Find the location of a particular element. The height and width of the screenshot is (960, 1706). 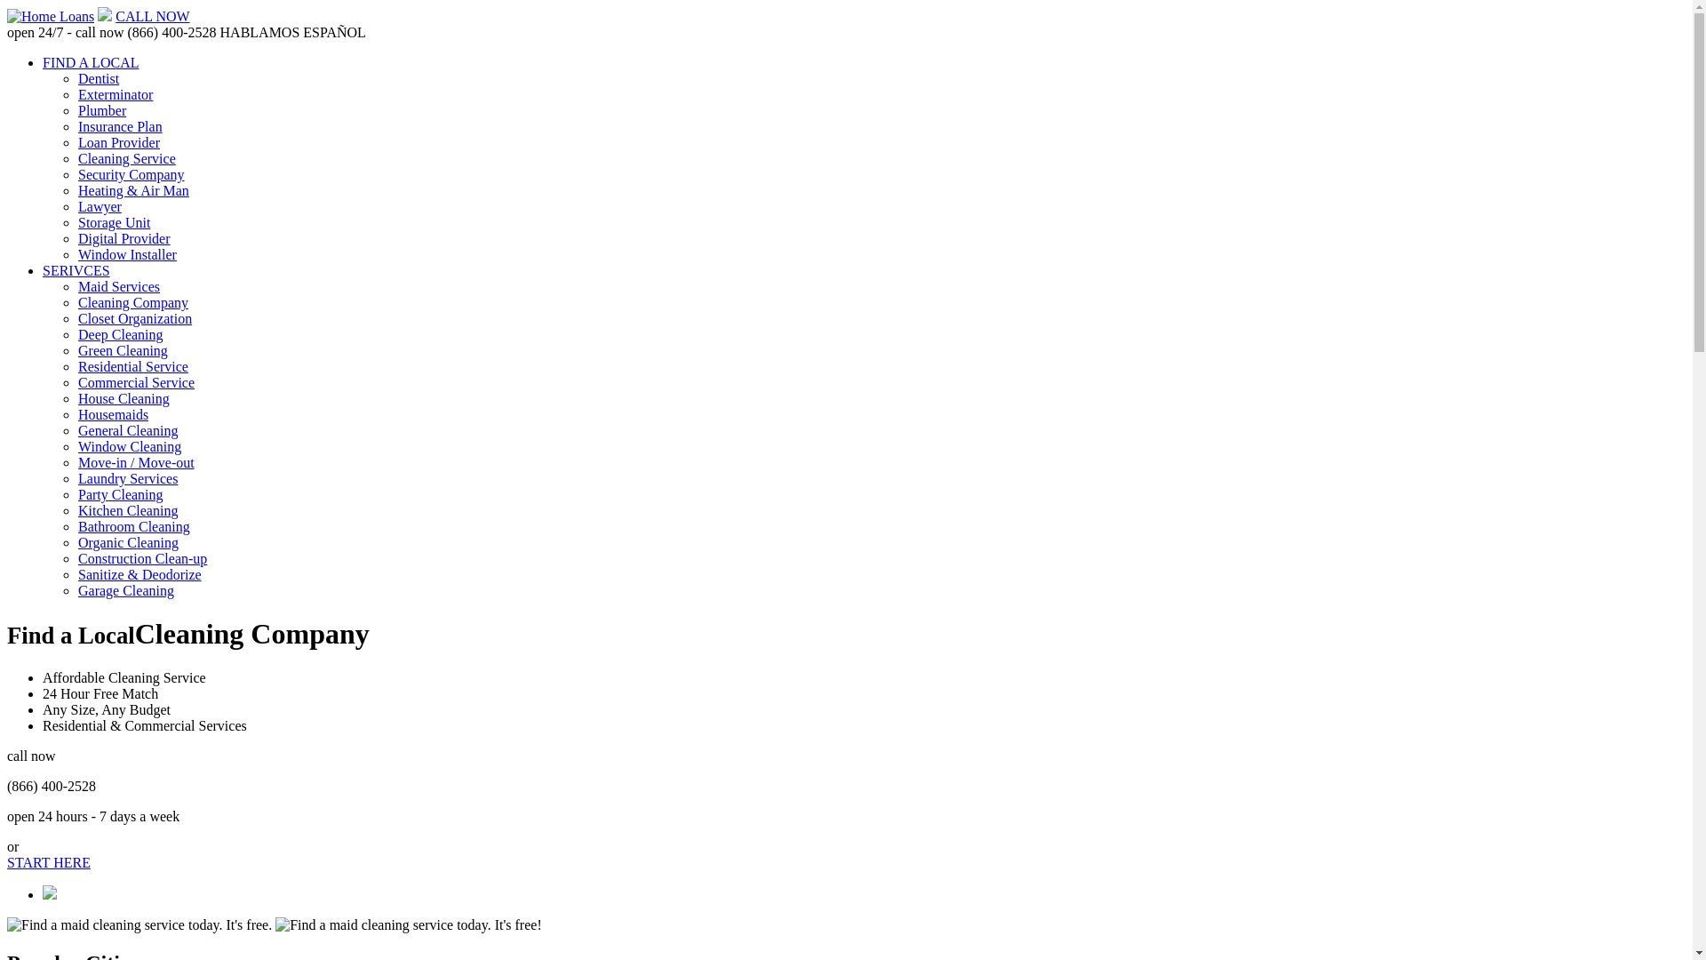

'Garage Cleaning' is located at coordinates (125, 590).